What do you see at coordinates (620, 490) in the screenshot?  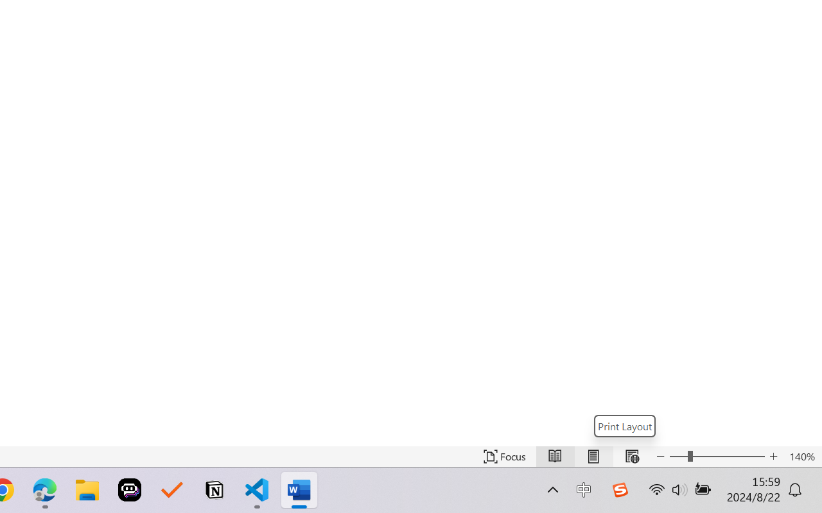 I see `'Class: Image'` at bounding box center [620, 490].